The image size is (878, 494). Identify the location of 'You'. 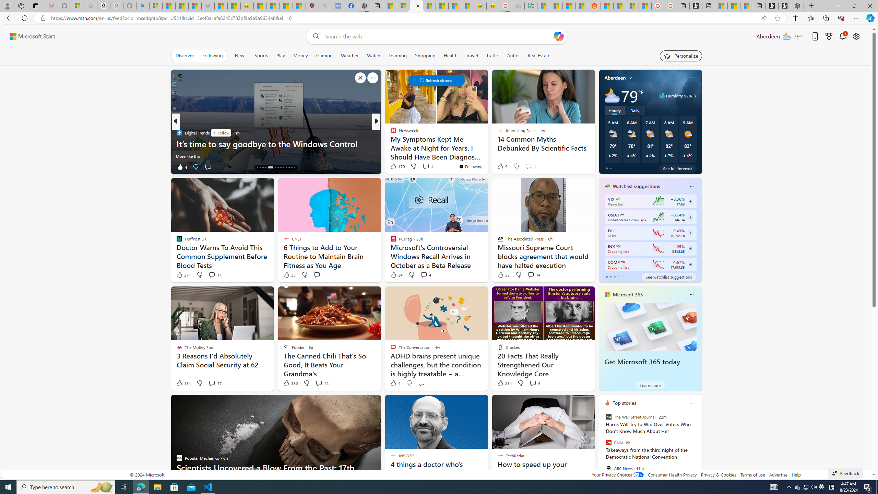
(470, 166).